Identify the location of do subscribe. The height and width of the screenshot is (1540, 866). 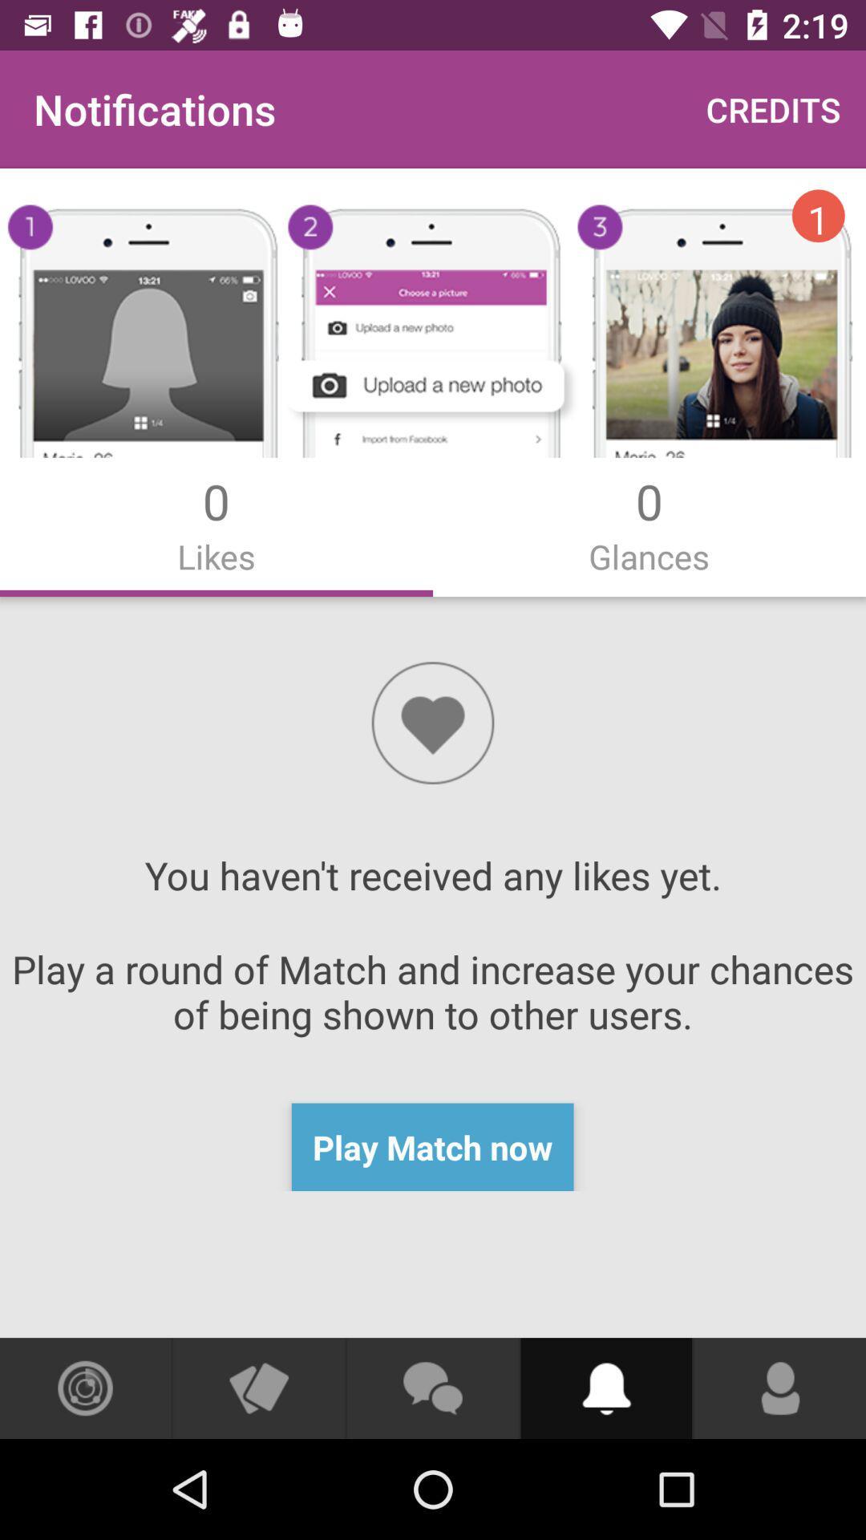
(606, 1388).